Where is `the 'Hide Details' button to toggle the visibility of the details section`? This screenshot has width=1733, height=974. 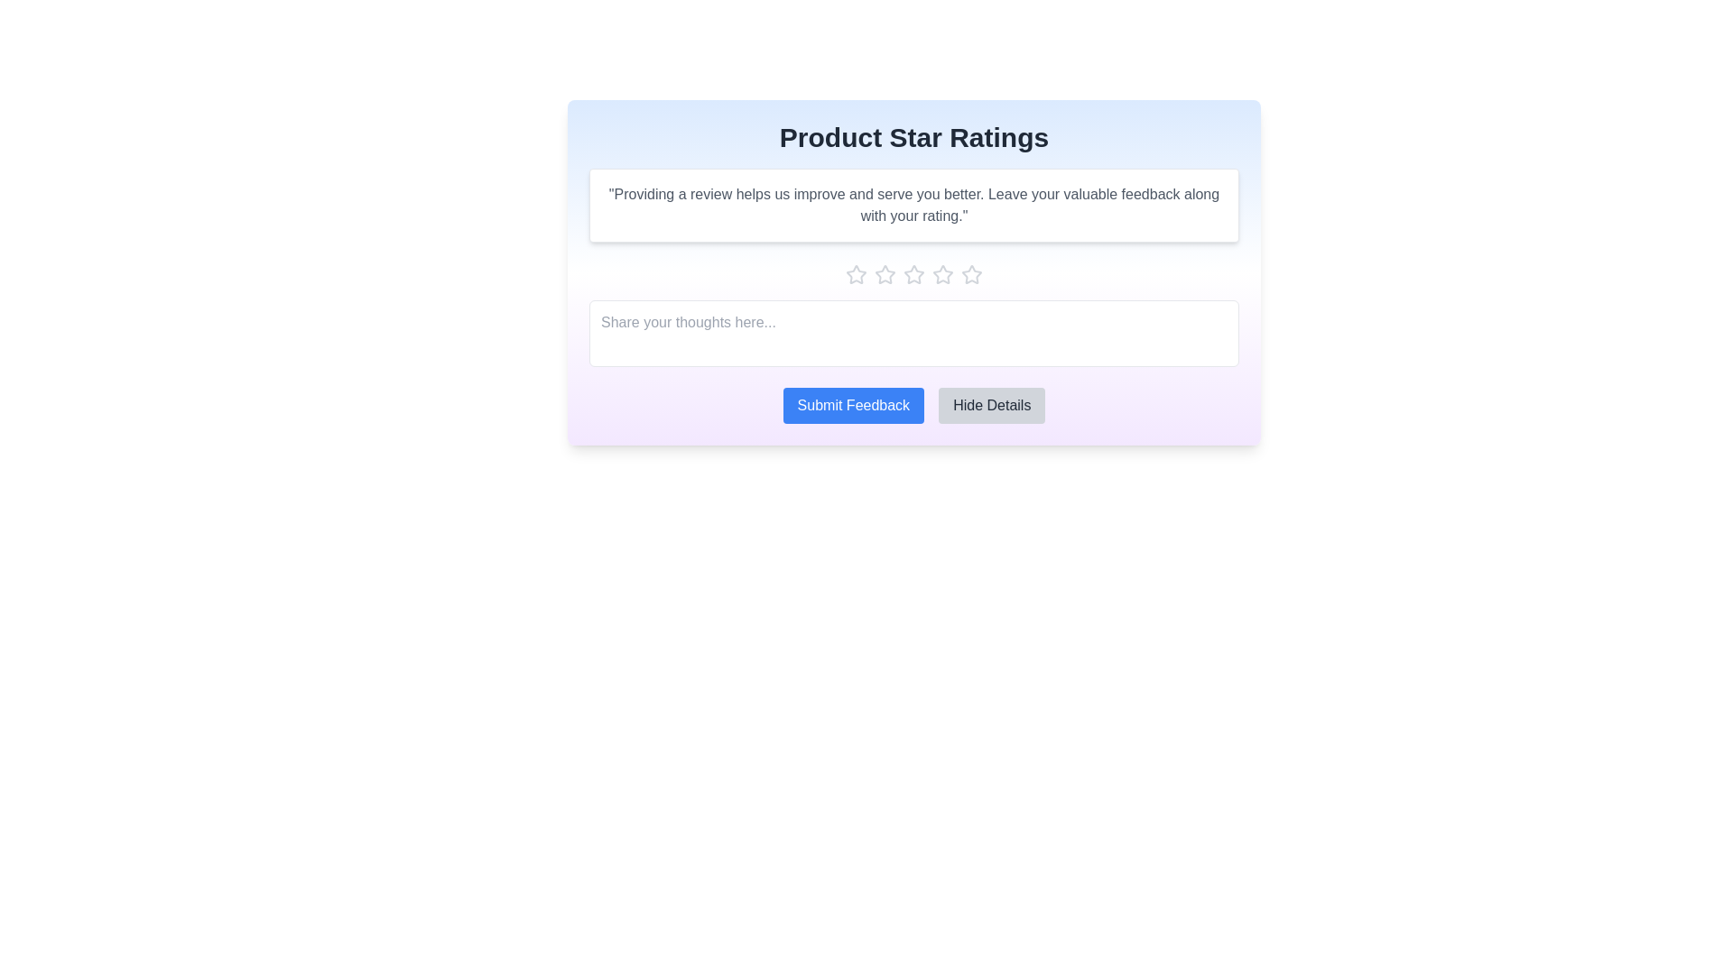 the 'Hide Details' button to toggle the visibility of the details section is located at coordinates (991, 406).